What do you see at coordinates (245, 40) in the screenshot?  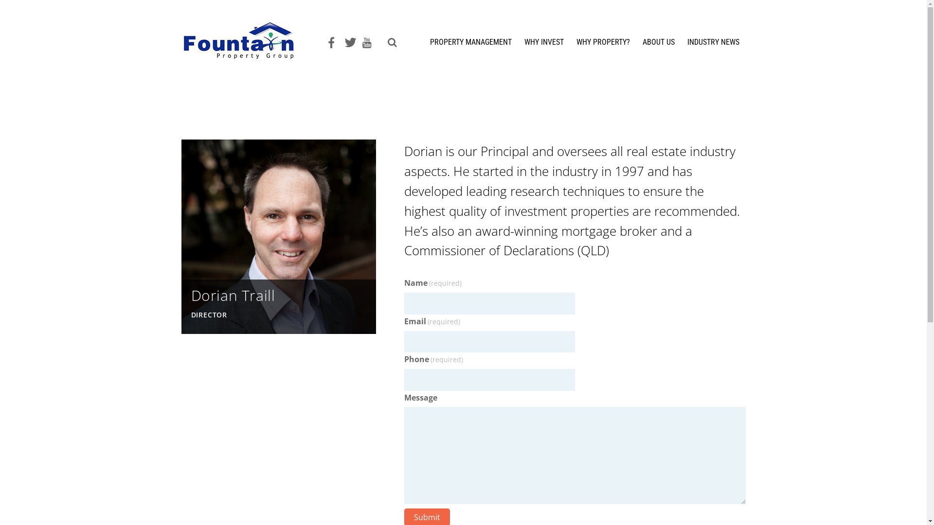 I see `'Investment Property & Wealth Creation Strategies'` at bounding box center [245, 40].